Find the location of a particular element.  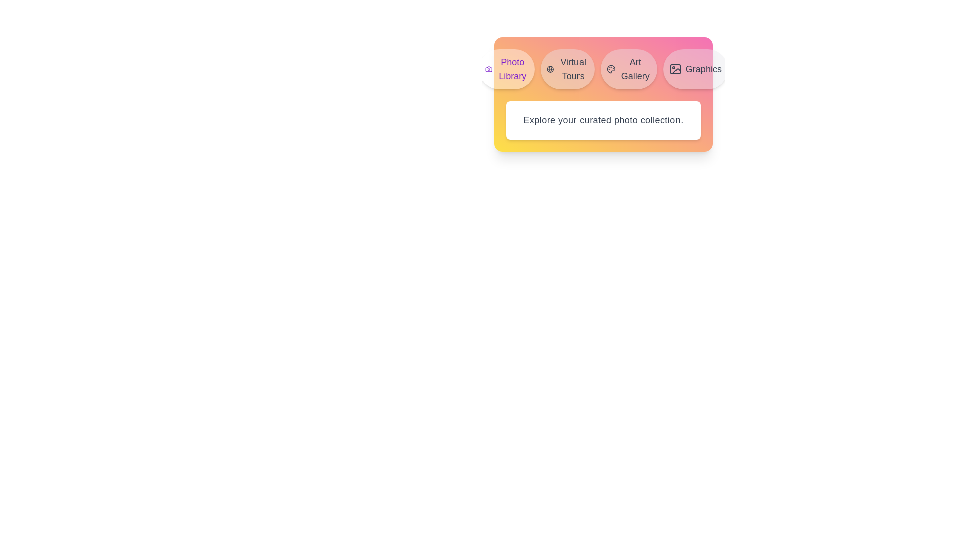

the tab labeled Photo Library in the MediaLibraryTabs component is located at coordinates (507, 69).